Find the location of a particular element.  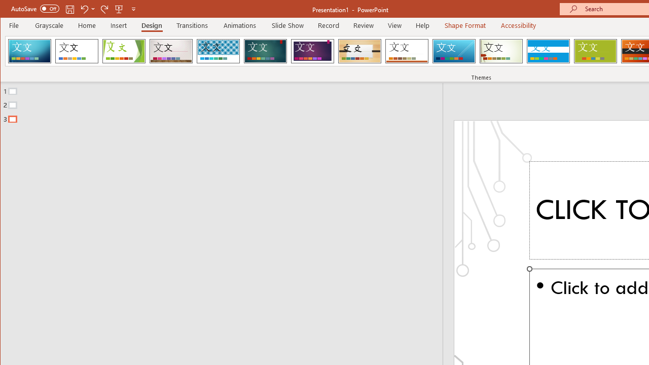

'Ion Boardroom' is located at coordinates (312, 51).